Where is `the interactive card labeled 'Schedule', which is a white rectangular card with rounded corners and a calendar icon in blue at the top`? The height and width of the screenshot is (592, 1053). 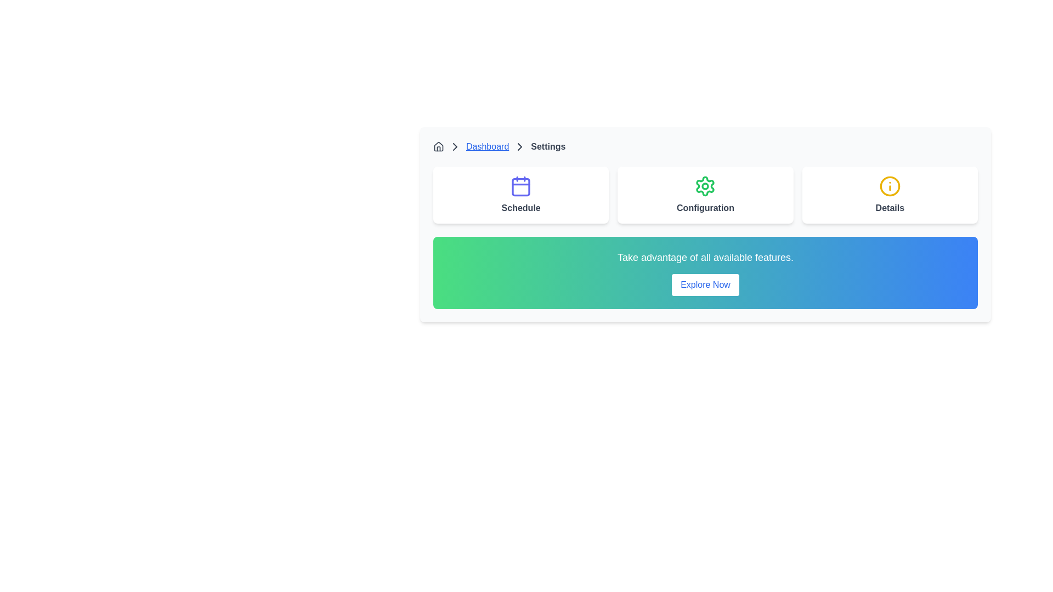
the interactive card labeled 'Schedule', which is a white rectangular card with rounded corners and a calendar icon in blue at the top is located at coordinates (520, 194).